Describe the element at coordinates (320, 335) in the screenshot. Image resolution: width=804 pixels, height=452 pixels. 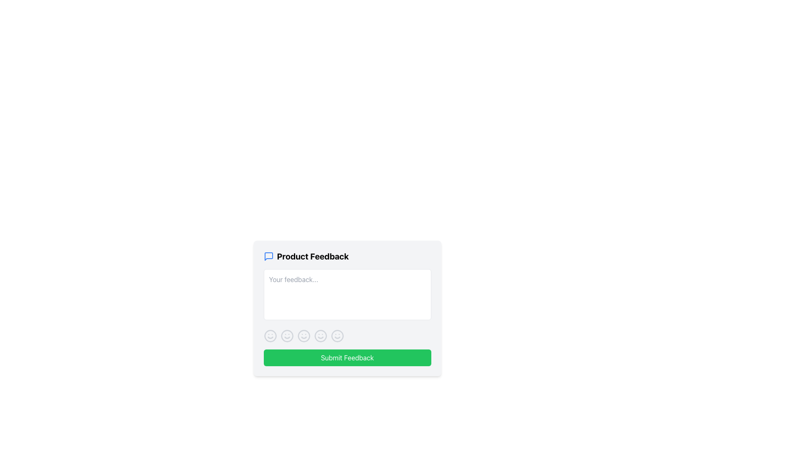
I see `the circular element representing a gray circle within the SVG graphic of a smiley icon` at that location.